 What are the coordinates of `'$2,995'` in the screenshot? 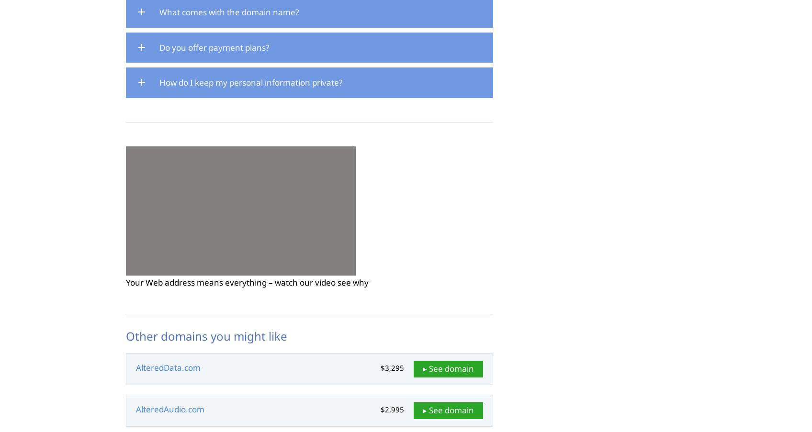 It's located at (392, 410).